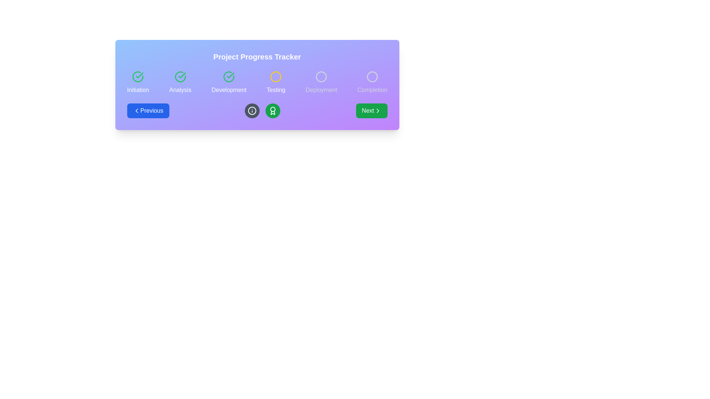 The image size is (710, 399). What do you see at coordinates (372, 77) in the screenshot?
I see `the fifth circular marker in the progress tracker that represents the 'Completion' step, located on the far right adjacent to the 'Completion' label` at bounding box center [372, 77].